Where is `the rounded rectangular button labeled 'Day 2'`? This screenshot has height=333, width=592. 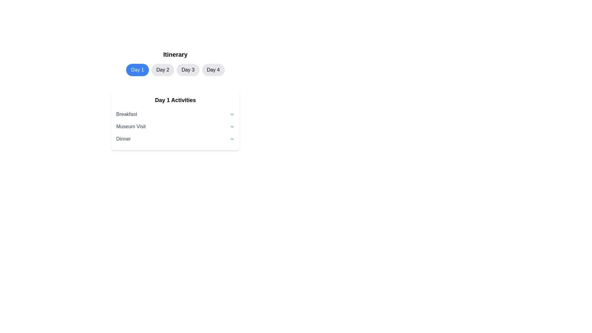
the rounded rectangular button labeled 'Day 2' is located at coordinates (163, 70).